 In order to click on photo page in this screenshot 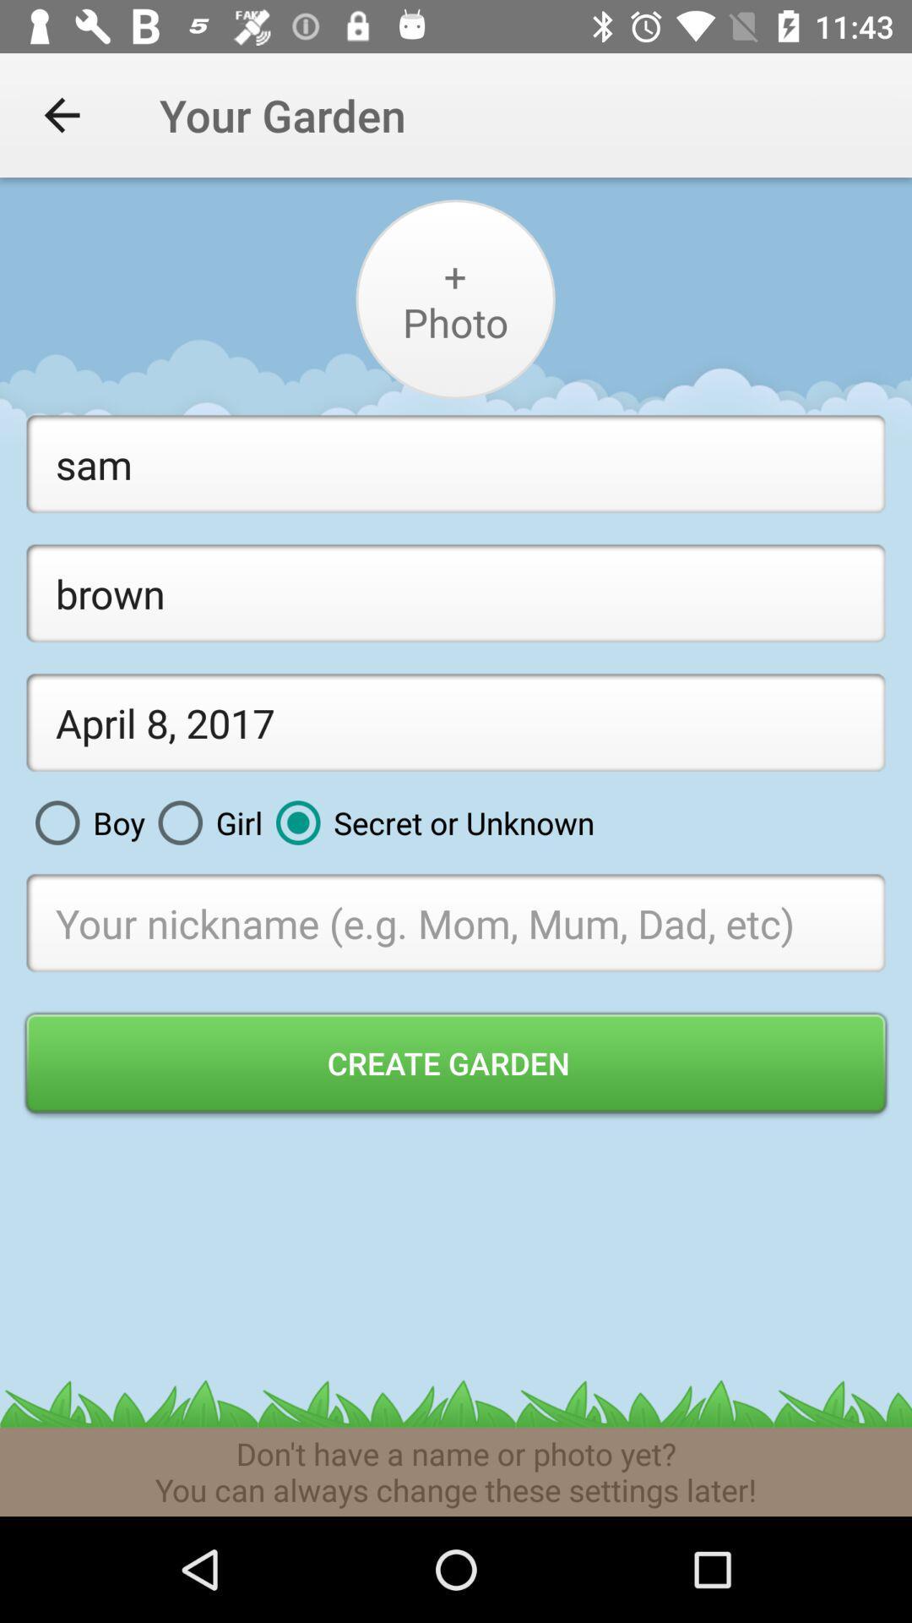, I will do `click(454, 299)`.